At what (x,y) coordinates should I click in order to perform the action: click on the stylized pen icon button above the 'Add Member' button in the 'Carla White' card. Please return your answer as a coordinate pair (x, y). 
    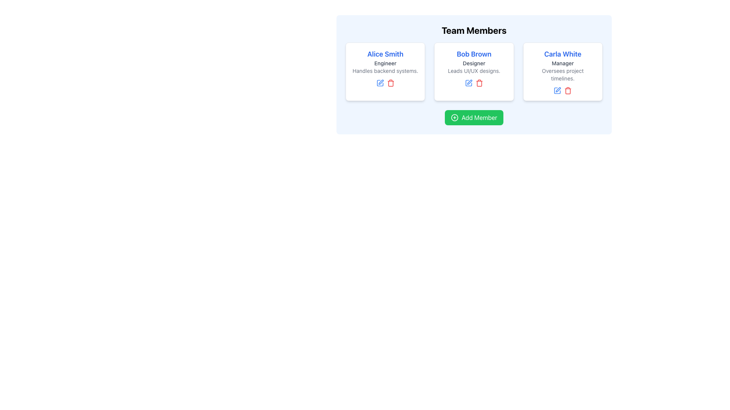
    Looking at the image, I should click on (558, 89).